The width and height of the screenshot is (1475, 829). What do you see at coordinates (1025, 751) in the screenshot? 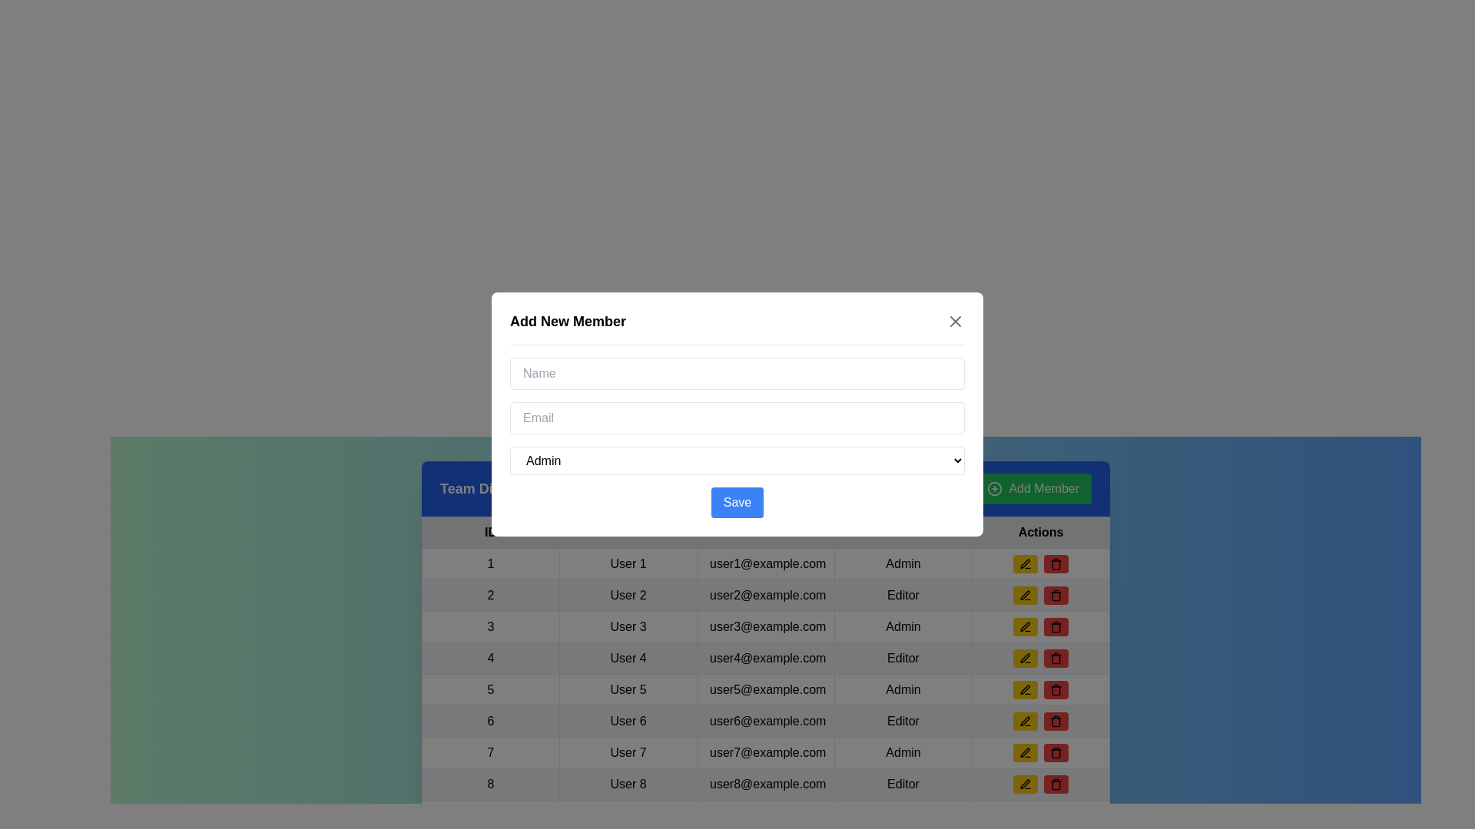
I see `the 'Edit' button located in the 'Actions' column of the table, which includes a recognizable icon as part of its design` at bounding box center [1025, 751].